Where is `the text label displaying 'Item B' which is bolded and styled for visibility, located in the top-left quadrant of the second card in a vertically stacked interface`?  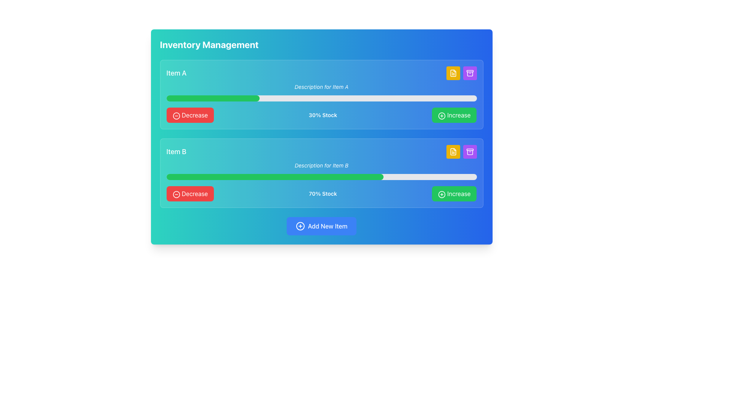 the text label displaying 'Item B' which is bolded and styled for visibility, located in the top-left quadrant of the second card in a vertically stacked interface is located at coordinates (176, 151).